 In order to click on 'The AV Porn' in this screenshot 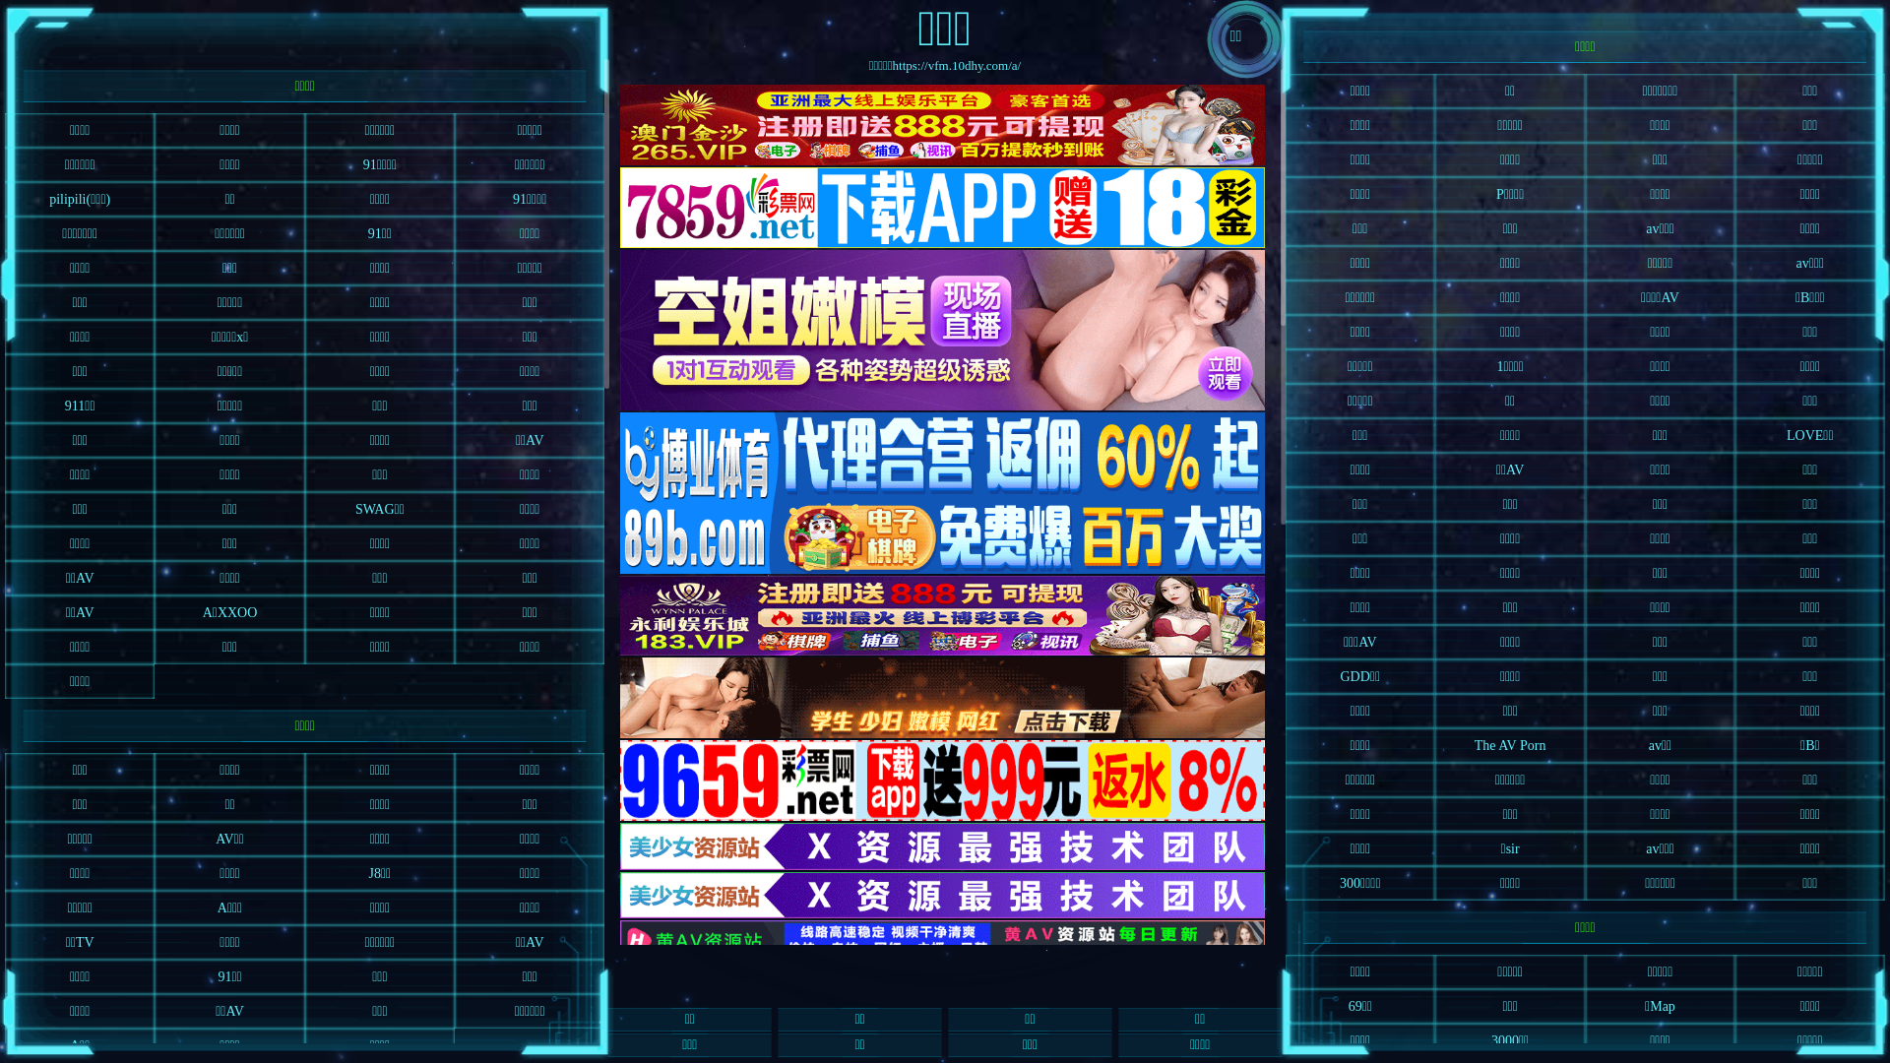, I will do `click(1509, 745)`.